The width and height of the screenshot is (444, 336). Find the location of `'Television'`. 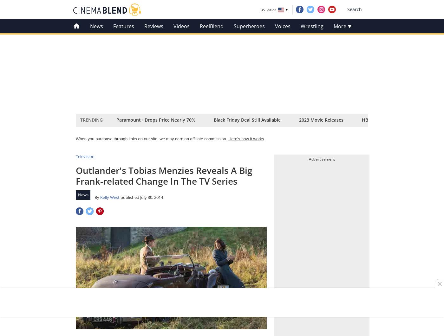

'Television' is located at coordinates (85, 156).